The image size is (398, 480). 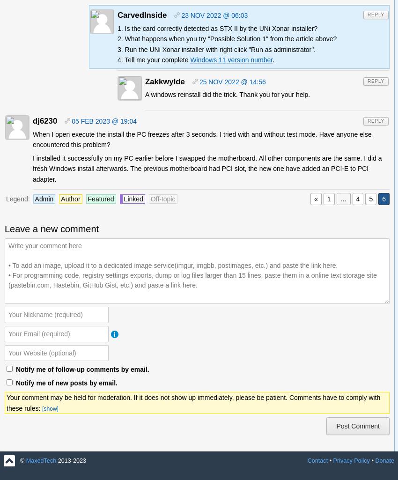 I want to click on 'When I open execute the install the PC freezes after 3 seconds. I tried with and without test mode. Have anyone else encountered this problem?', so click(x=201, y=139).